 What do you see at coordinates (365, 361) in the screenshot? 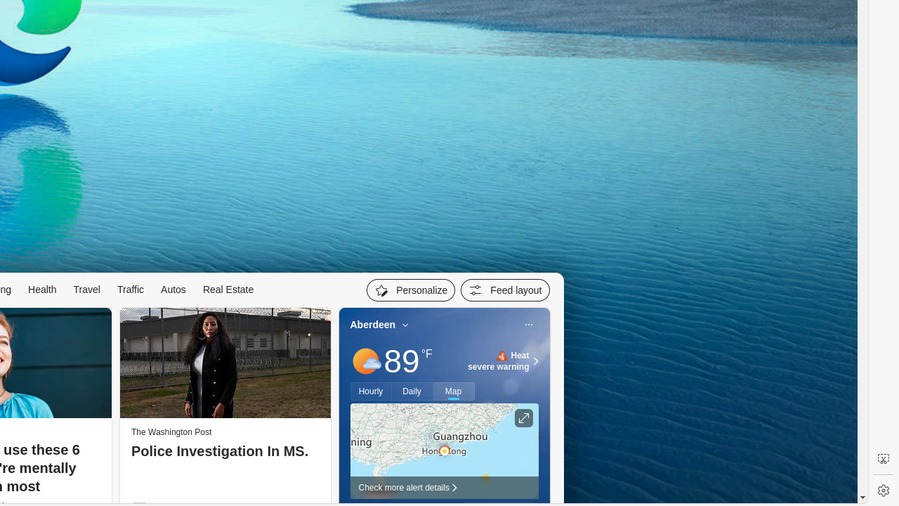
I see `'Mostly sunny'` at bounding box center [365, 361].